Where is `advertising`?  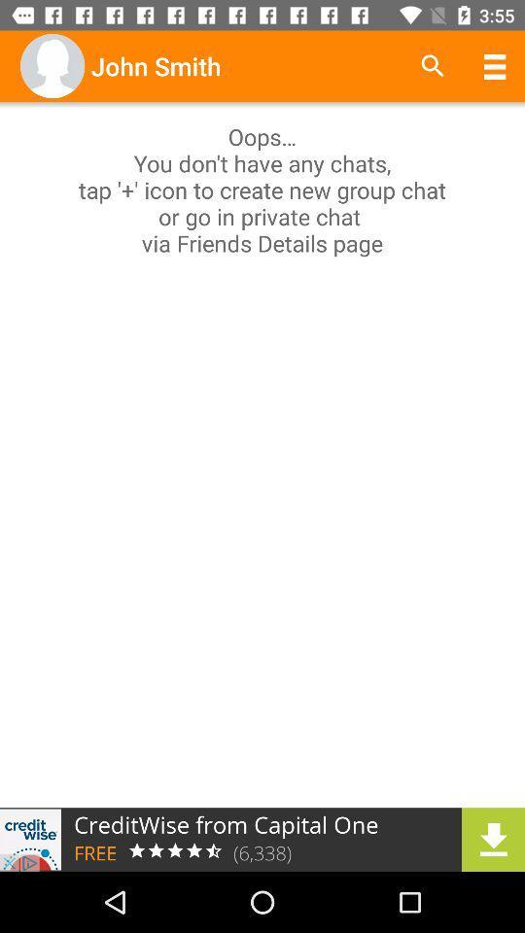 advertising is located at coordinates (262, 839).